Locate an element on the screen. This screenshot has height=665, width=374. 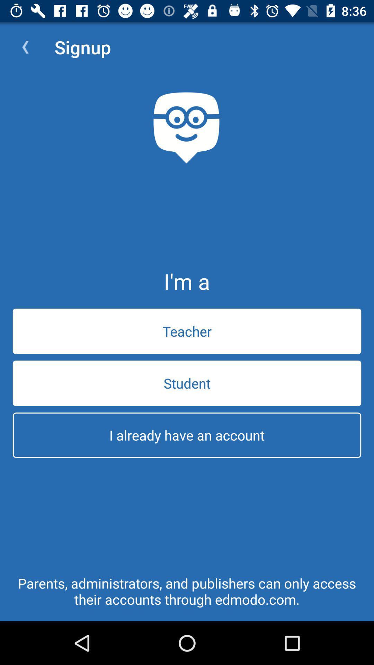
icon above teacher is located at coordinates (25, 47).